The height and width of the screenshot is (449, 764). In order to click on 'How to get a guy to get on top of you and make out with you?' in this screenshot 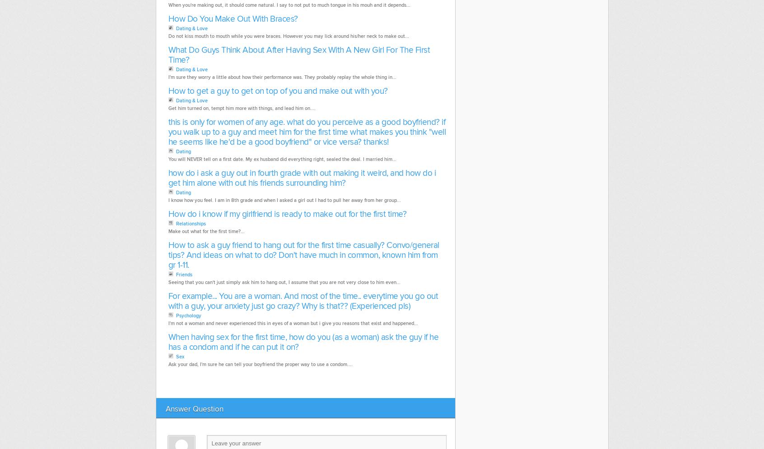, I will do `click(277, 91)`.